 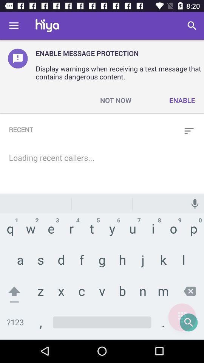 What do you see at coordinates (182, 317) in the screenshot?
I see `menu page` at bounding box center [182, 317].